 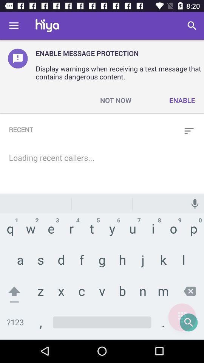 What do you see at coordinates (182, 317) in the screenshot?
I see `menu page` at bounding box center [182, 317].